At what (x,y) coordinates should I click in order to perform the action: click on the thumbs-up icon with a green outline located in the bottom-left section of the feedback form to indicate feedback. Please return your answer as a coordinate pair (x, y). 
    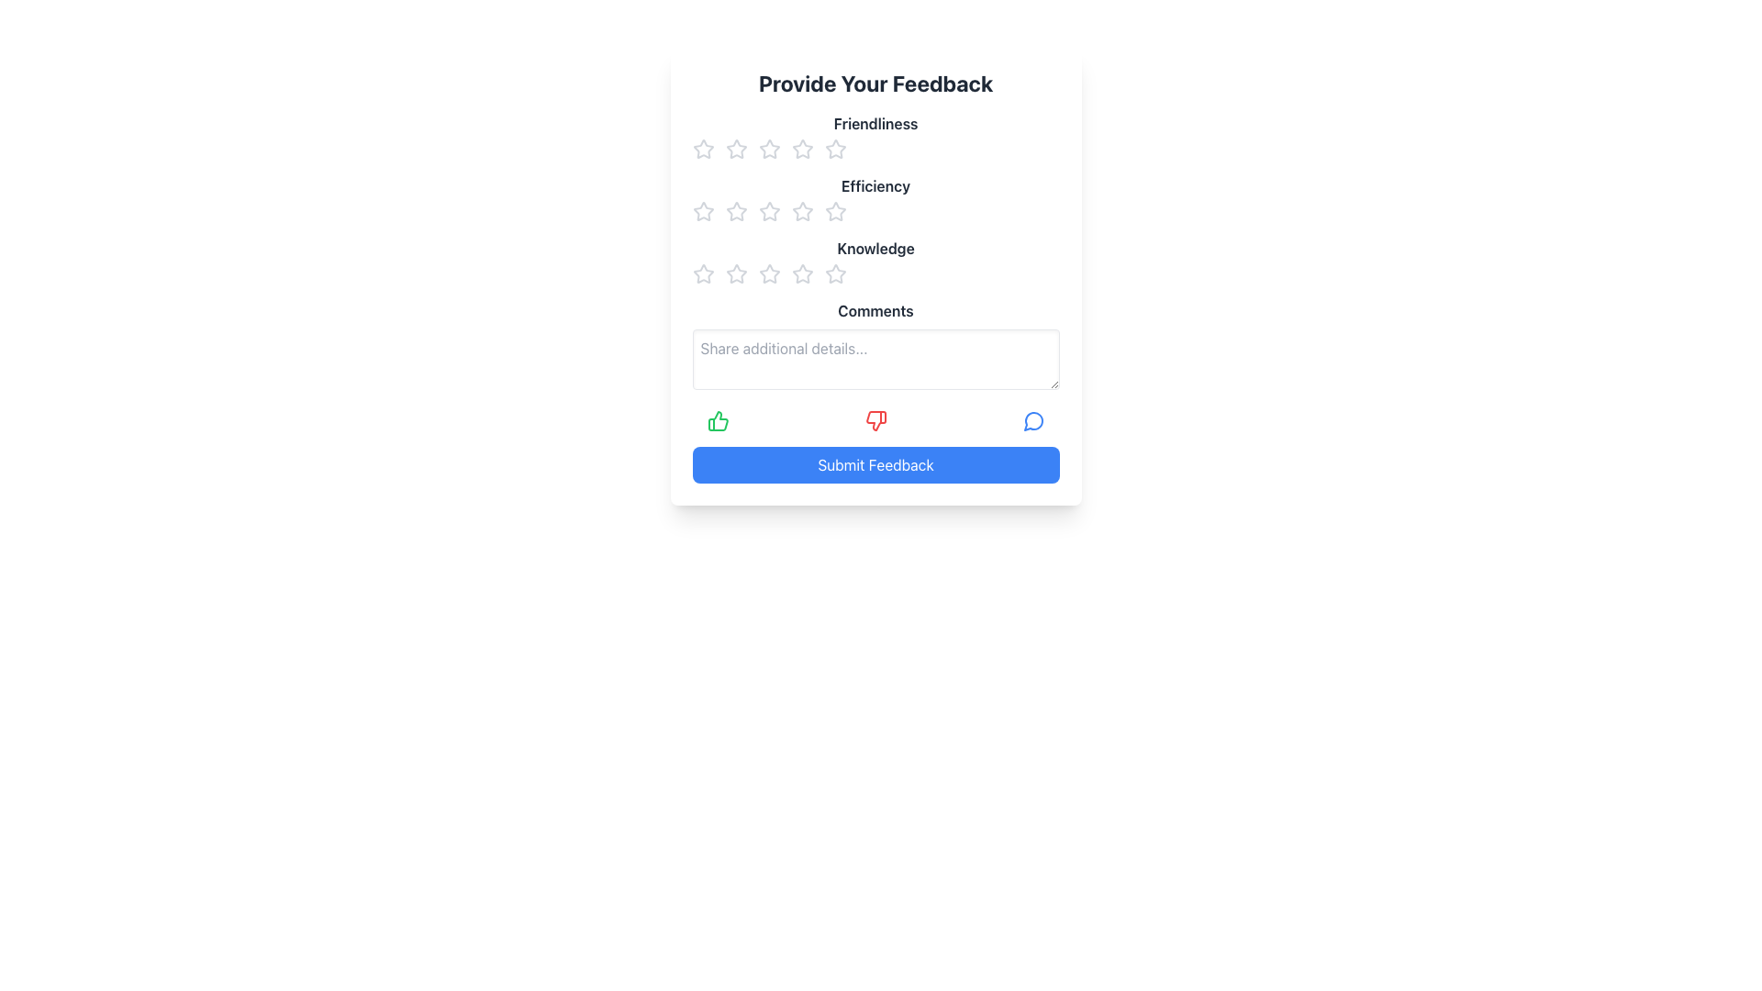
    Looking at the image, I should click on (717, 421).